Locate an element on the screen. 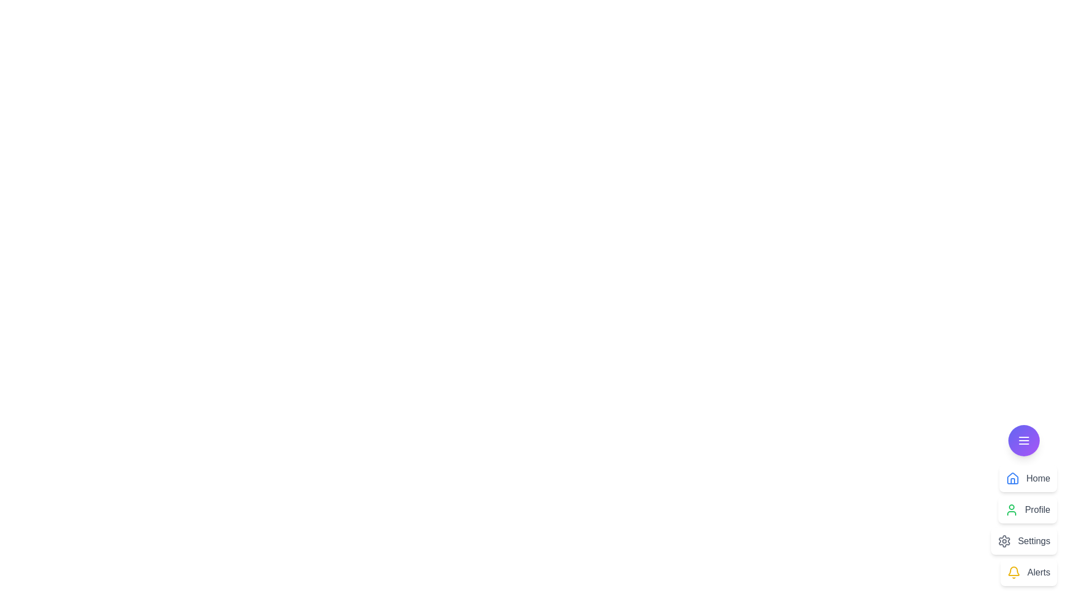  the menu item Alerts from the speed dial menu is located at coordinates (1029, 572).